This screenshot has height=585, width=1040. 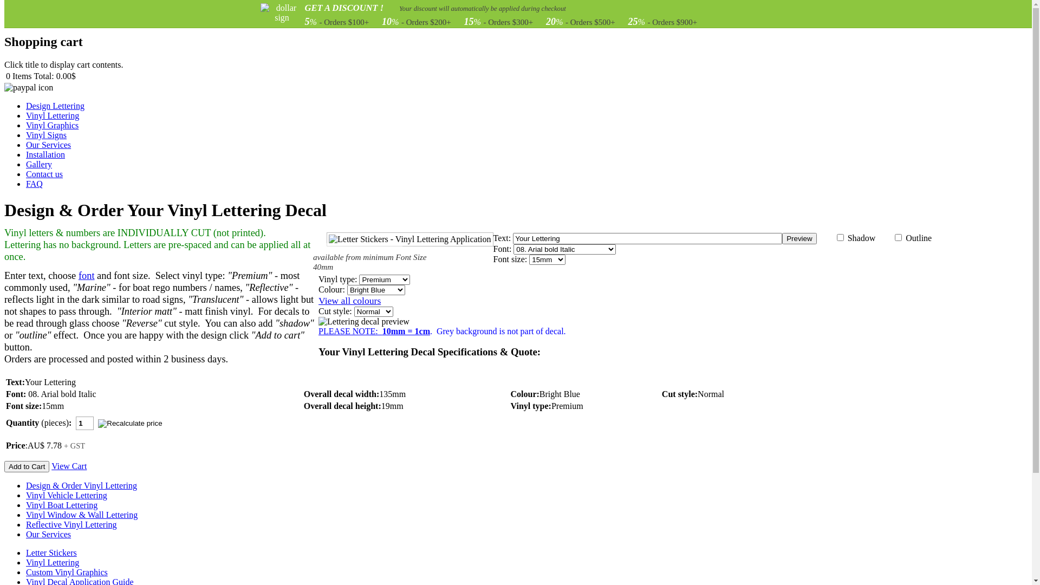 I want to click on 'Our Services', so click(x=48, y=534).